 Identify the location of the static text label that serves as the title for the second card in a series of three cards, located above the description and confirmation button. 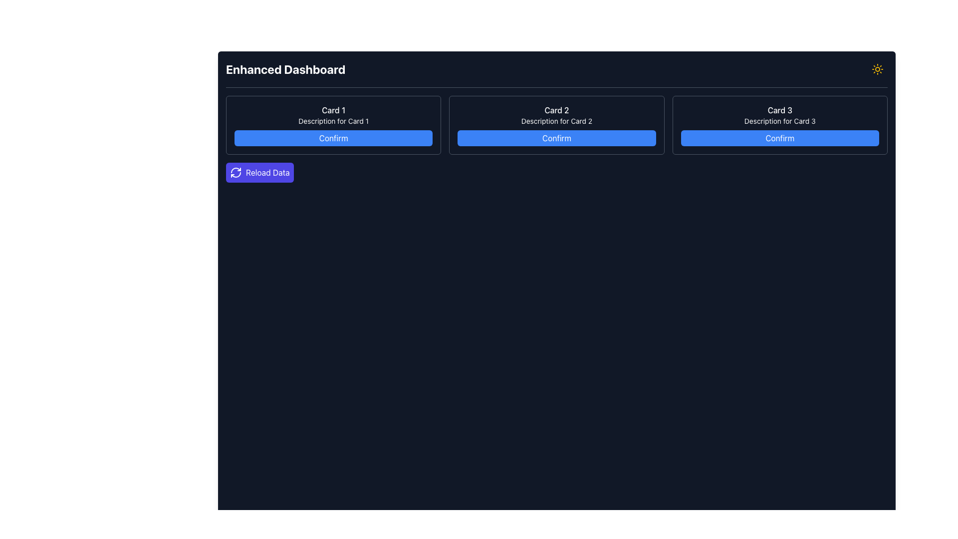
(556, 110).